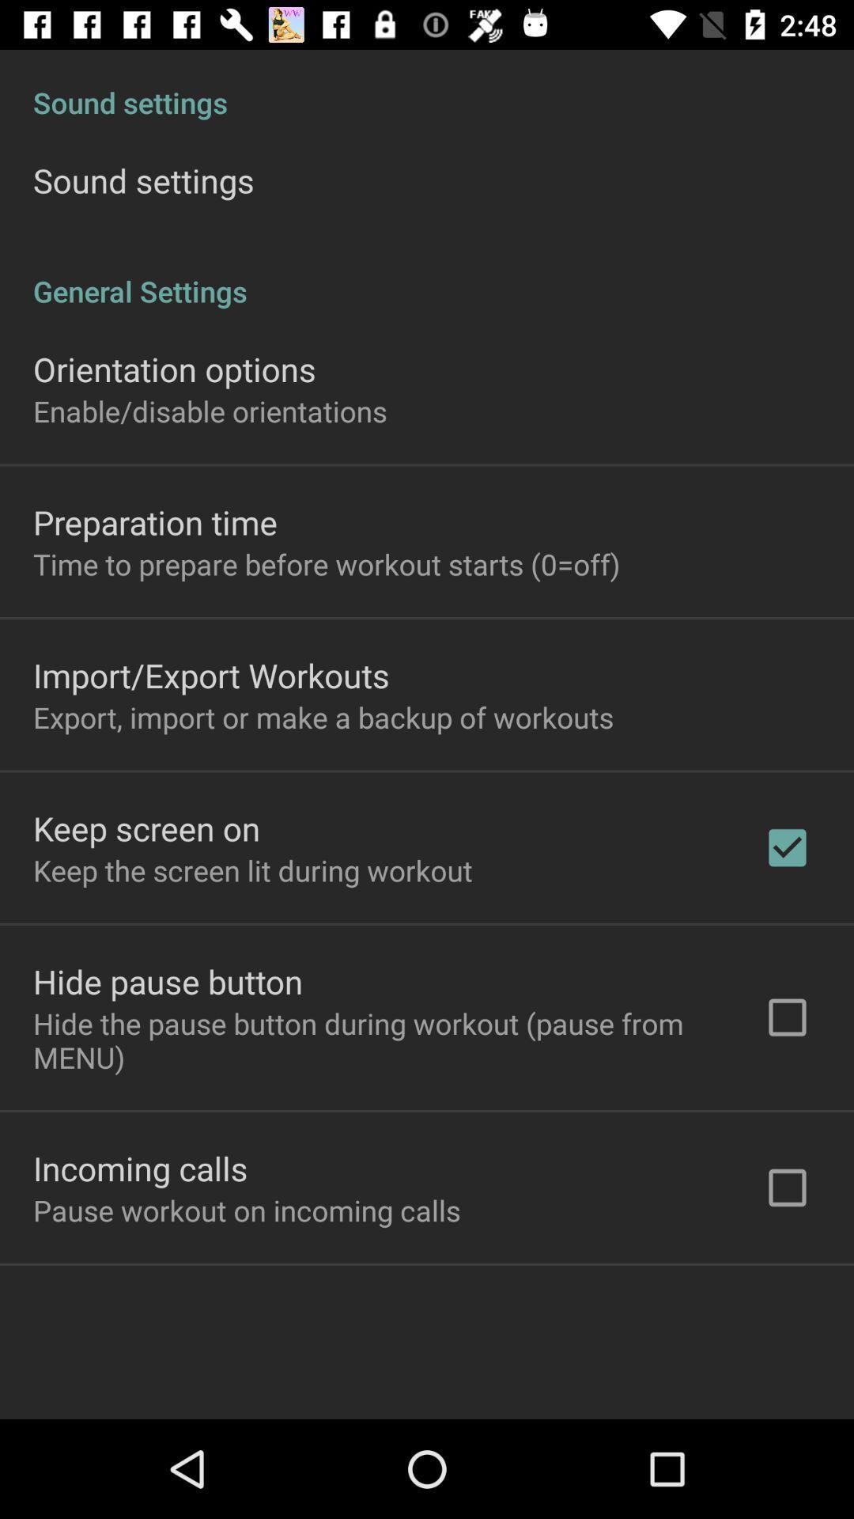 The width and height of the screenshot is (854, 1519). I want to click on app below preparation time app, so click(326, 564).